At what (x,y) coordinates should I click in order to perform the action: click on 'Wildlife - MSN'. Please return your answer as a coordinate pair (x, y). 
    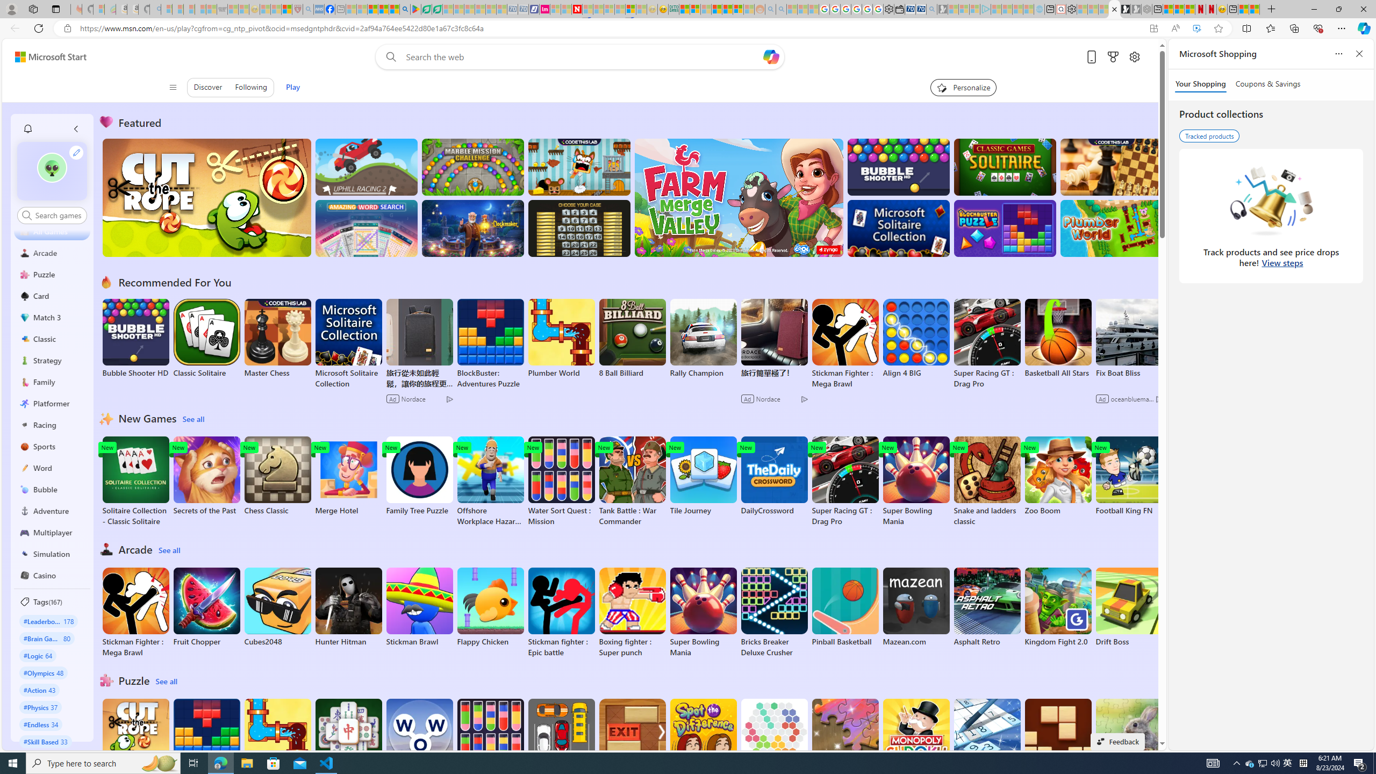
    Looking at the image, I should click on (1242, 9).